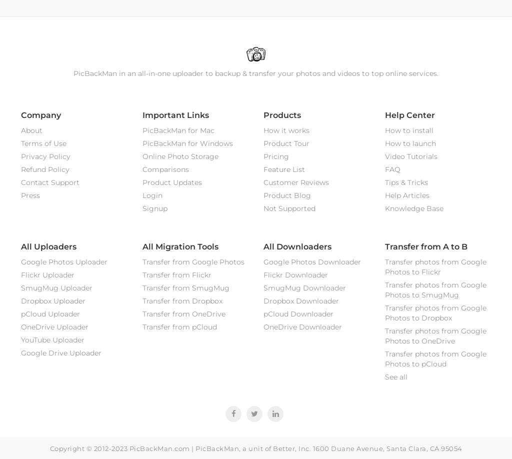 This screenshot has height=459, width=512. Describe the element at coordinates (255, 447) in the screenshot. I see `'Copyright © 2012-2023 PicBackMan.com | PicBackMan, a unit of Better, Inc. 1600 Duane Avenue, Santa Clara, CA 95054'` at that location.